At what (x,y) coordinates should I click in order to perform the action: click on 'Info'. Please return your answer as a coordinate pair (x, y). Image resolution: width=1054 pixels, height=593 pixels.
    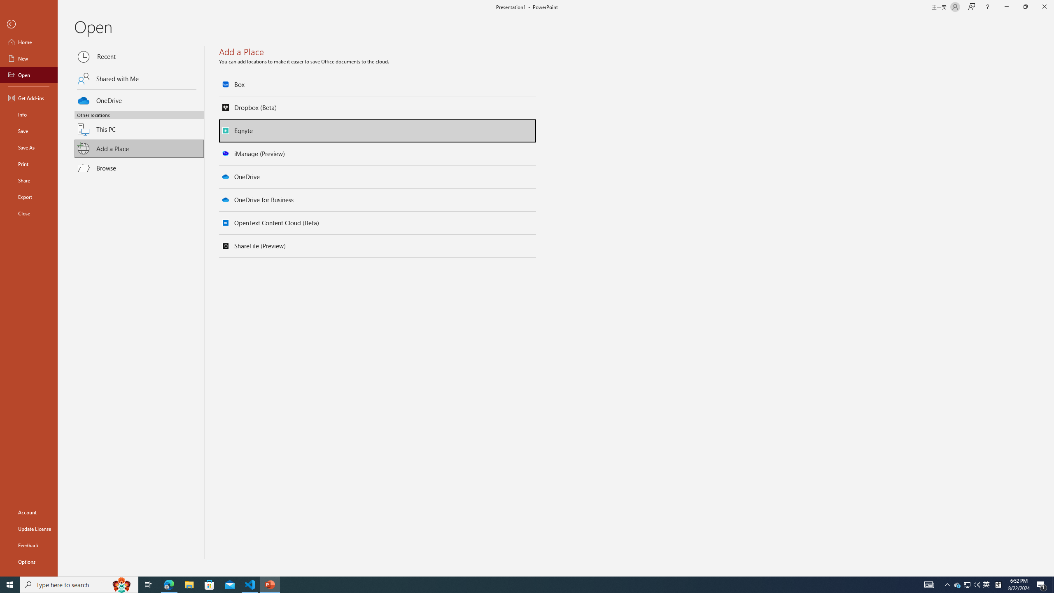
    Looking at the image, I should click on (28, 114).